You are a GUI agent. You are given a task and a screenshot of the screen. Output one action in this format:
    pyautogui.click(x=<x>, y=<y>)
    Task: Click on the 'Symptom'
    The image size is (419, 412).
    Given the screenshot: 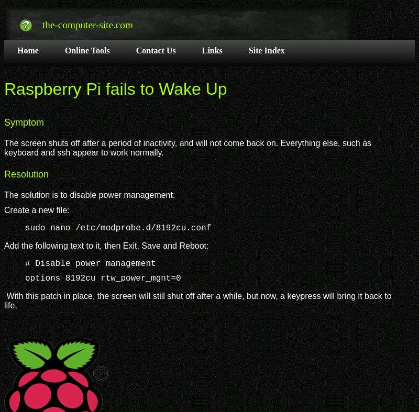 What is the action you would take?
    pyautogui.click(x=4, y=122)
    